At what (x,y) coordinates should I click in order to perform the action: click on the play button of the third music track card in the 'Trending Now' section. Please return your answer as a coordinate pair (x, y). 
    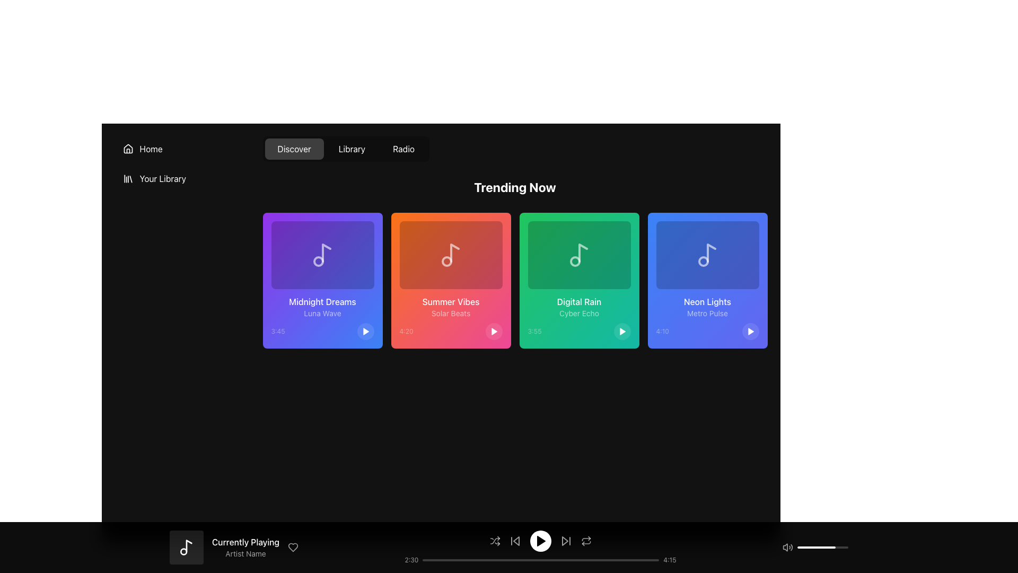
    Looking at the image, I should click on (578, 280).